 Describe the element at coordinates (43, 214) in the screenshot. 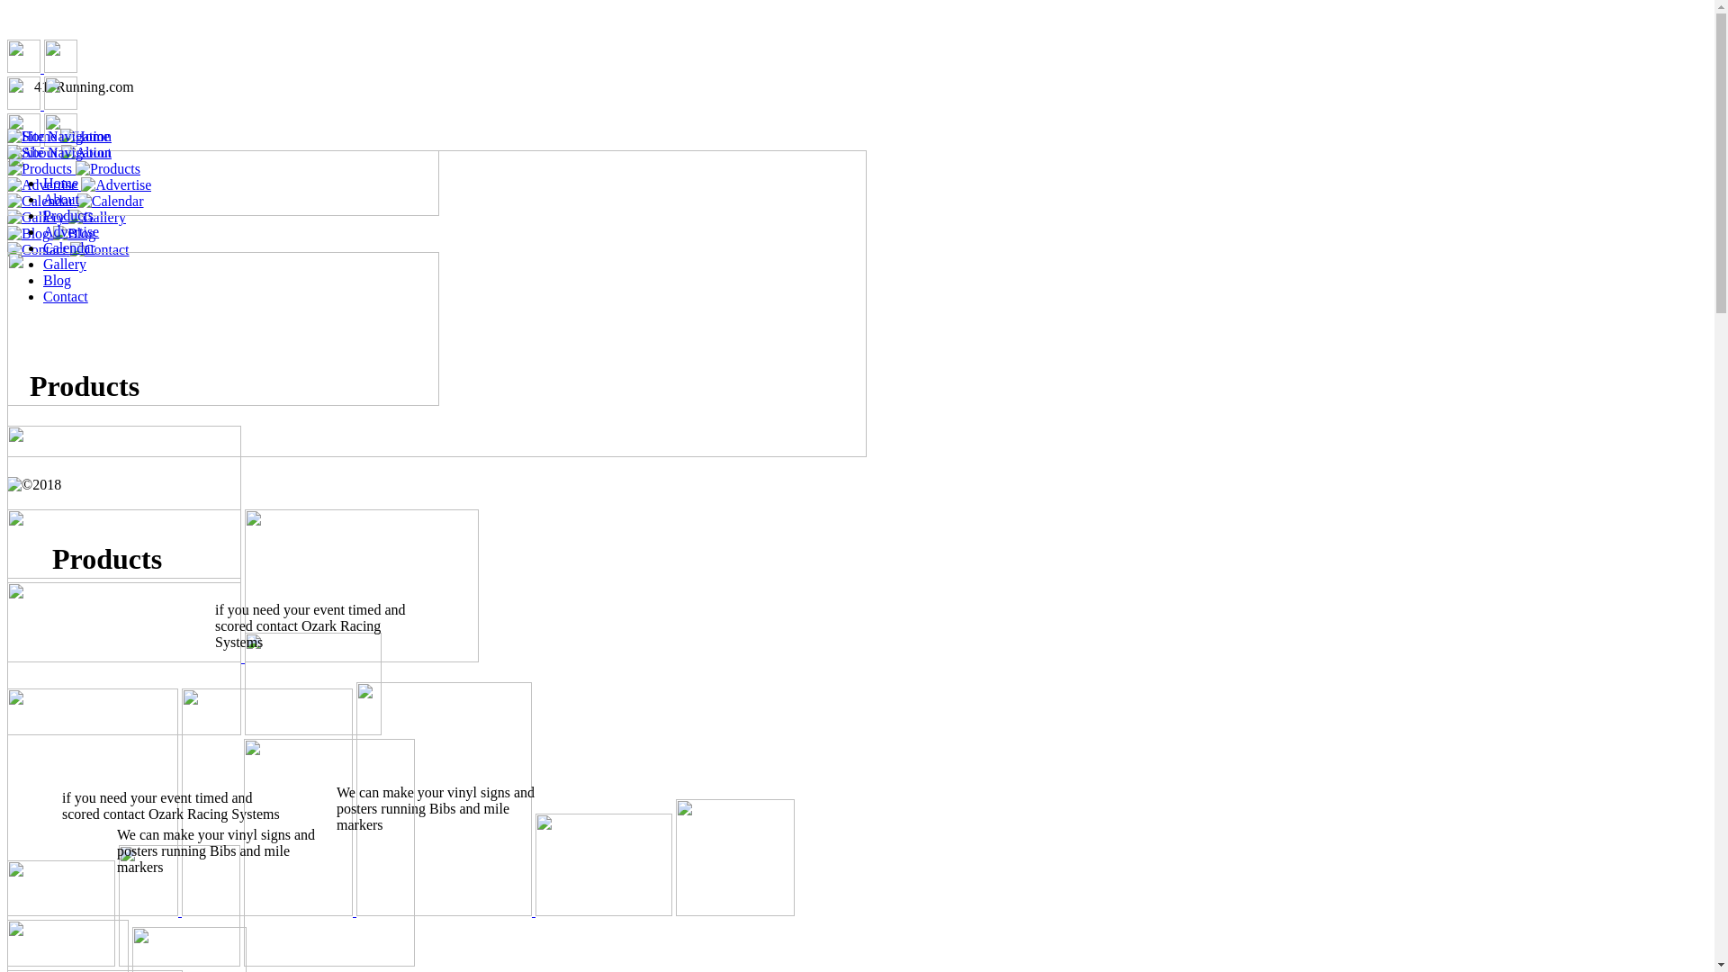

I see `'Products'` at that location.